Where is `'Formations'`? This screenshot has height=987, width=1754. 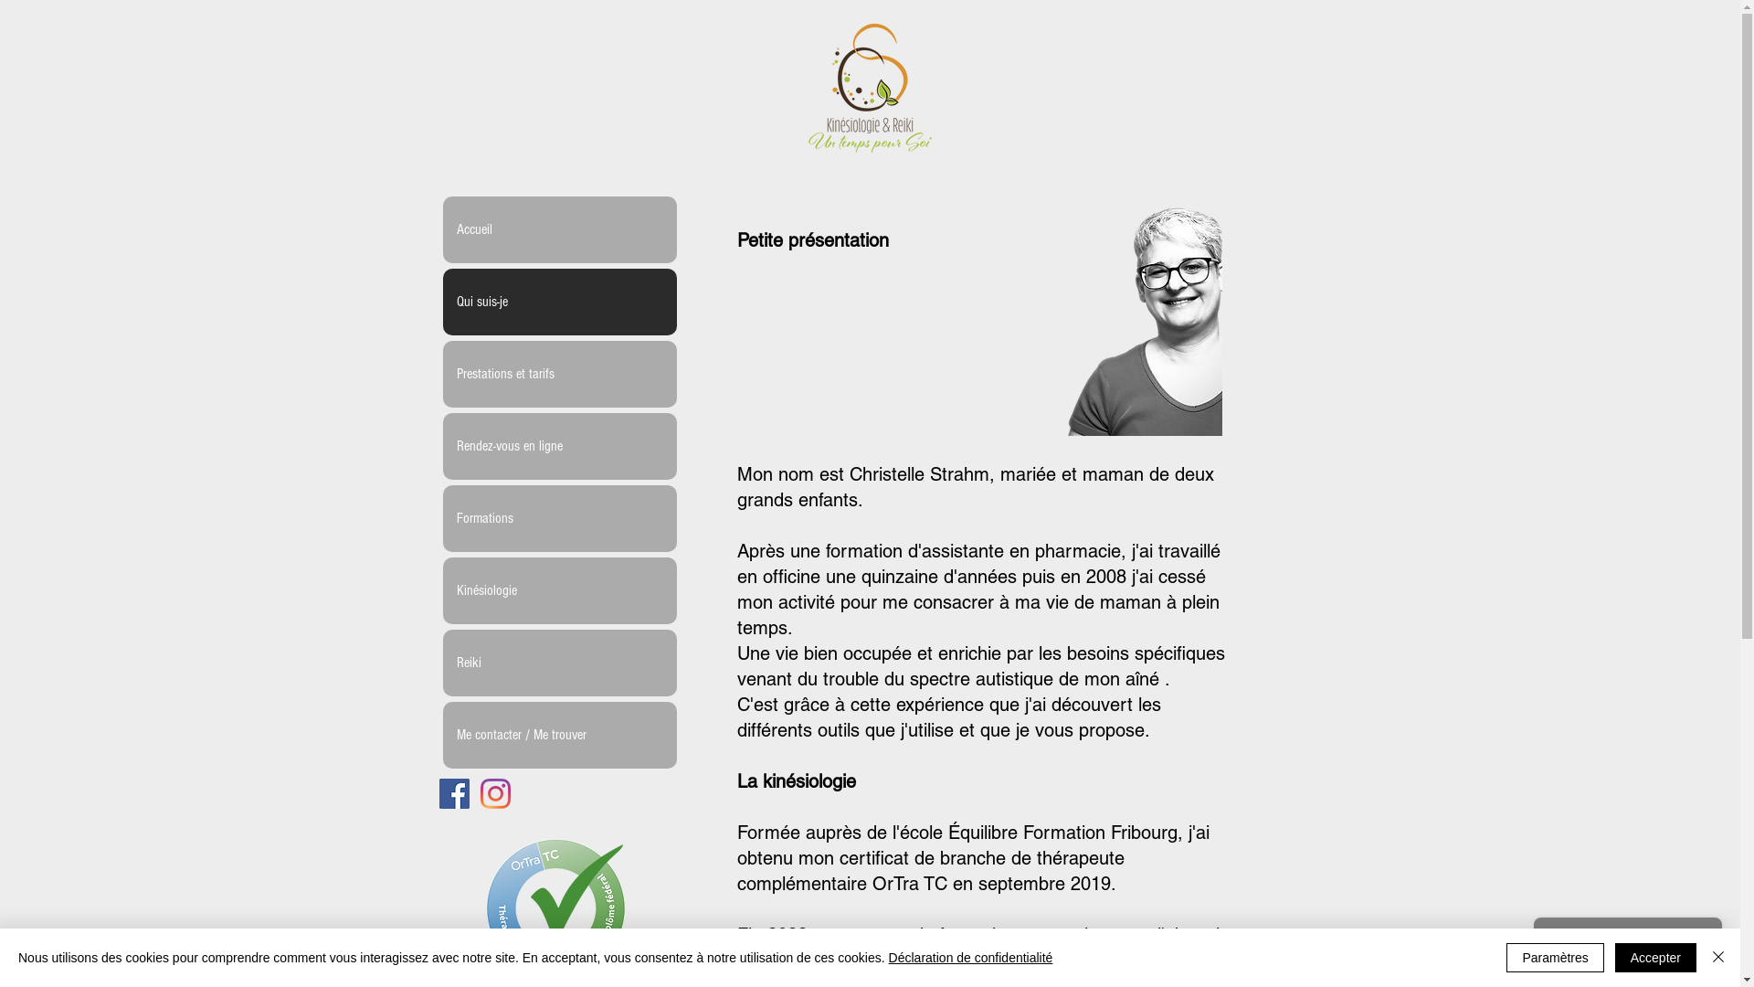 'Formations' is located at coordinates (557, 518).